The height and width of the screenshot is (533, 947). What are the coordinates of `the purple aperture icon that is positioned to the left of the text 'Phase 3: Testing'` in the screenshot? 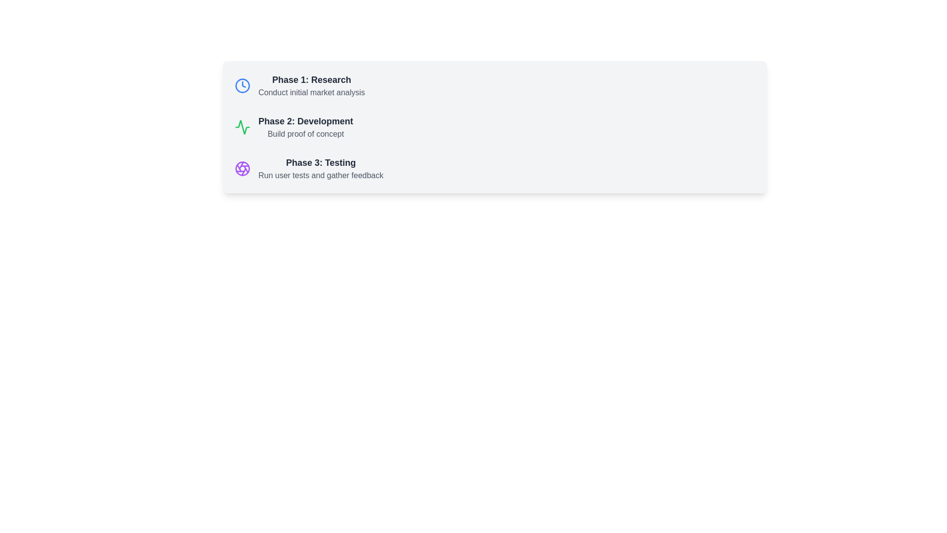 It's located at (242, 168).